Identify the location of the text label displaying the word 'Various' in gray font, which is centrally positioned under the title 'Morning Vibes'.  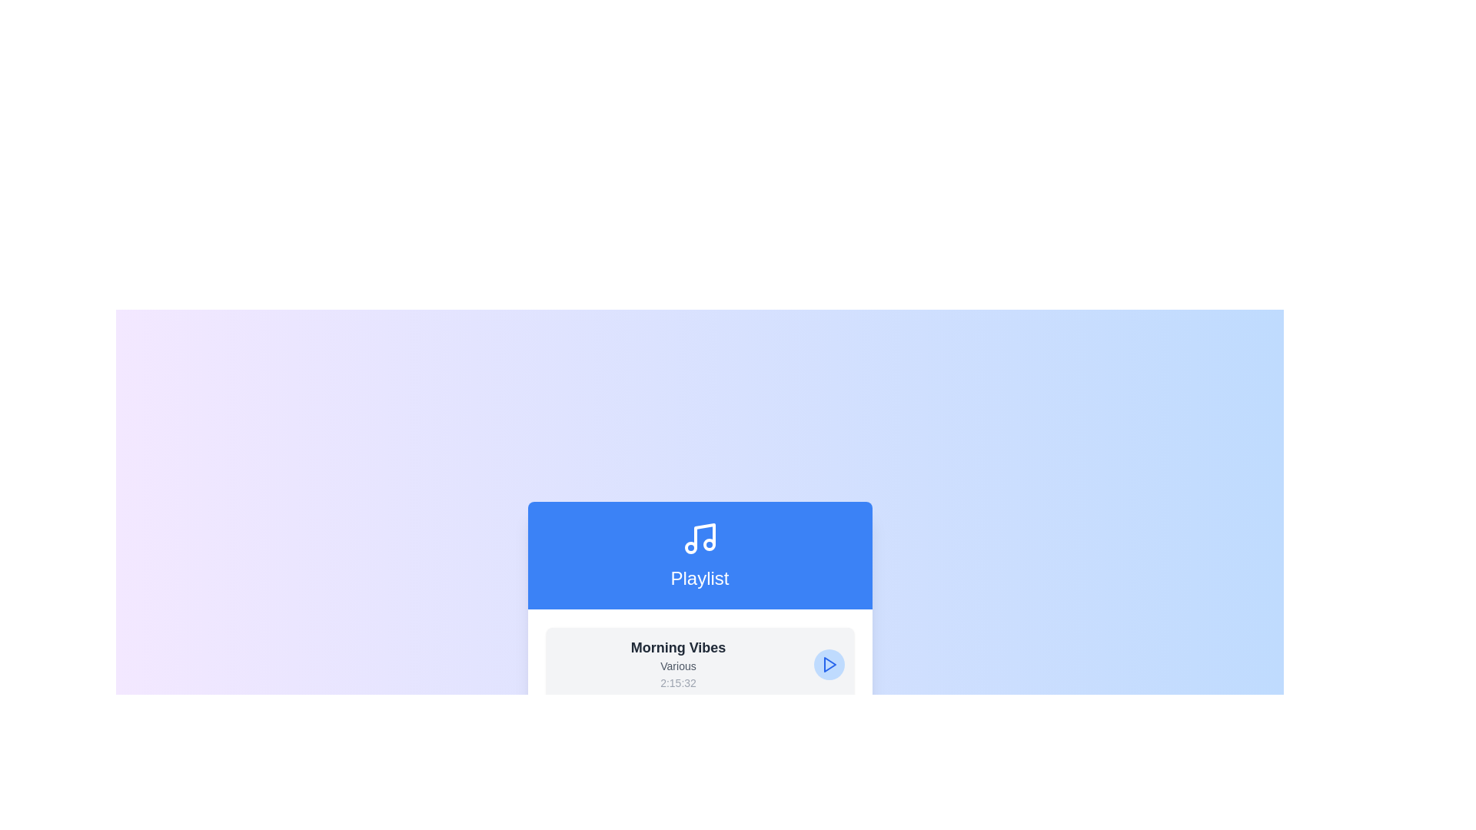
(677, 666).